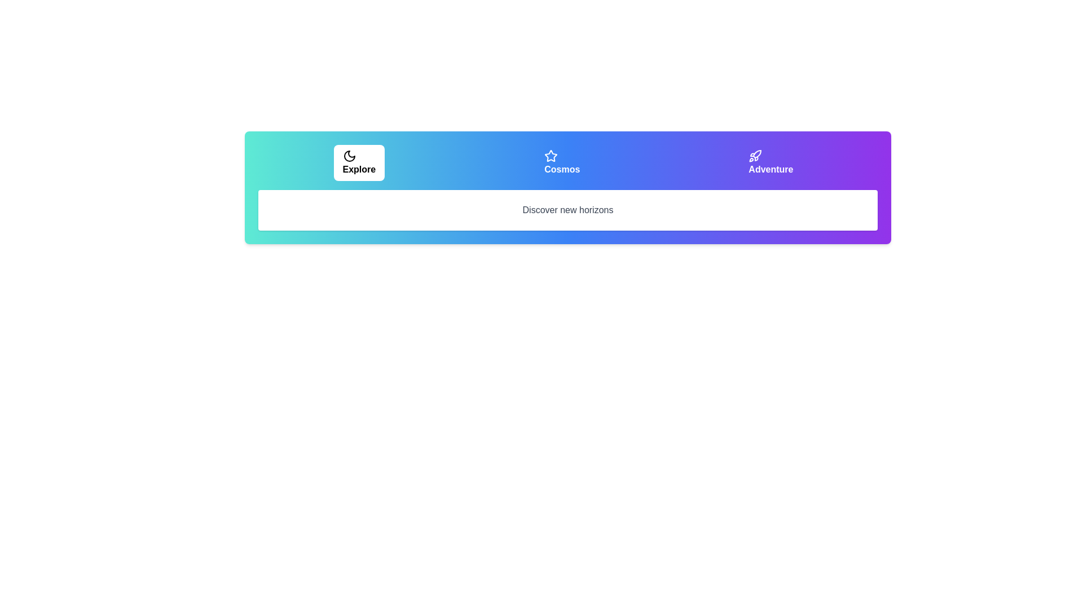 This screenshot has width=1083, height=609. Describe the element at coordinates (358, 163) in the screenshot. I see `the tab labeled Explore by clicking on its respective button` at that location.